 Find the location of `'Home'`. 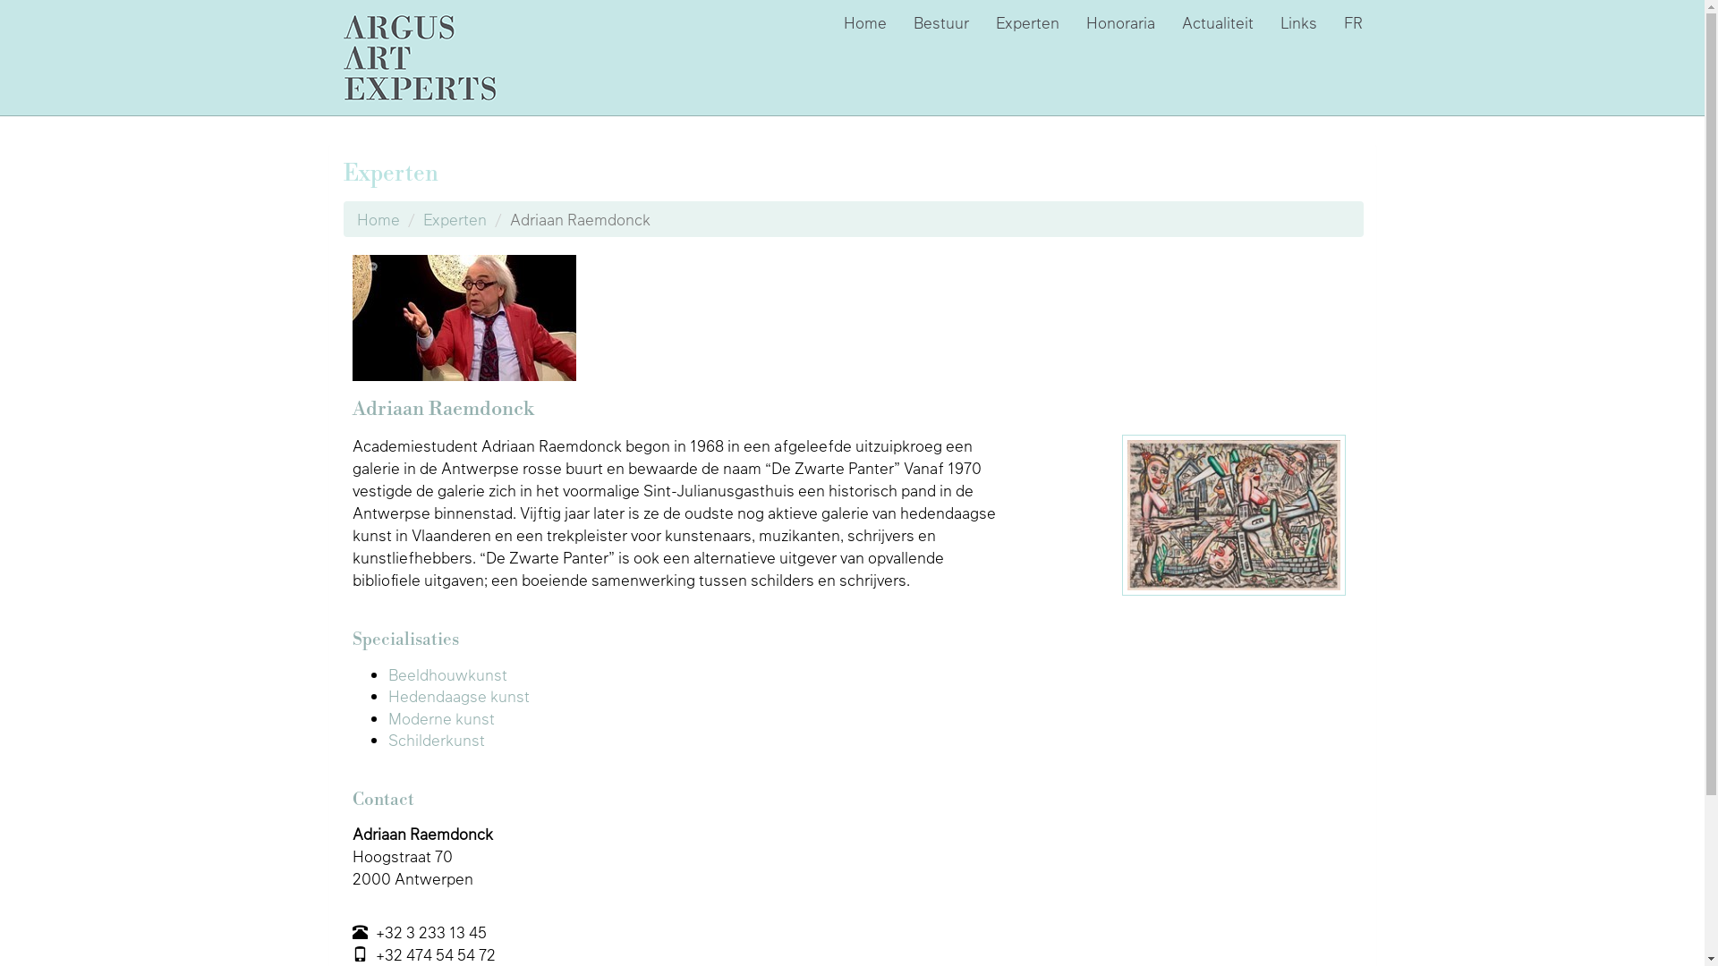

'Home' is located at coordinates (864, 21).